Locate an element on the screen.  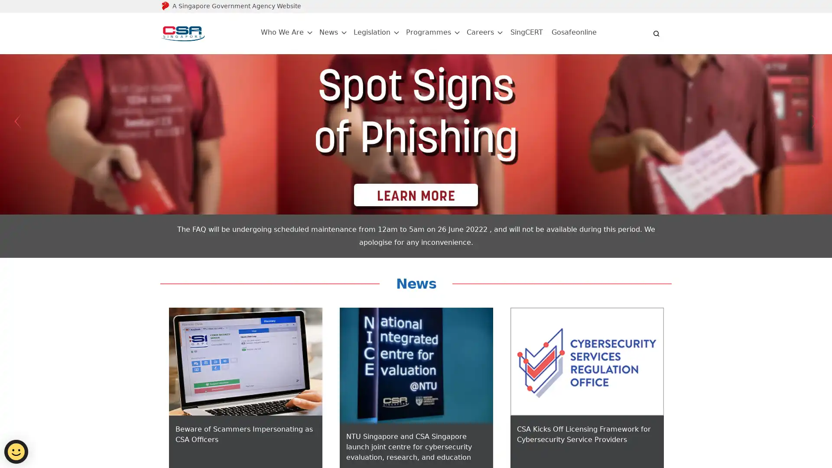
search is located at coordinates (656, 33).